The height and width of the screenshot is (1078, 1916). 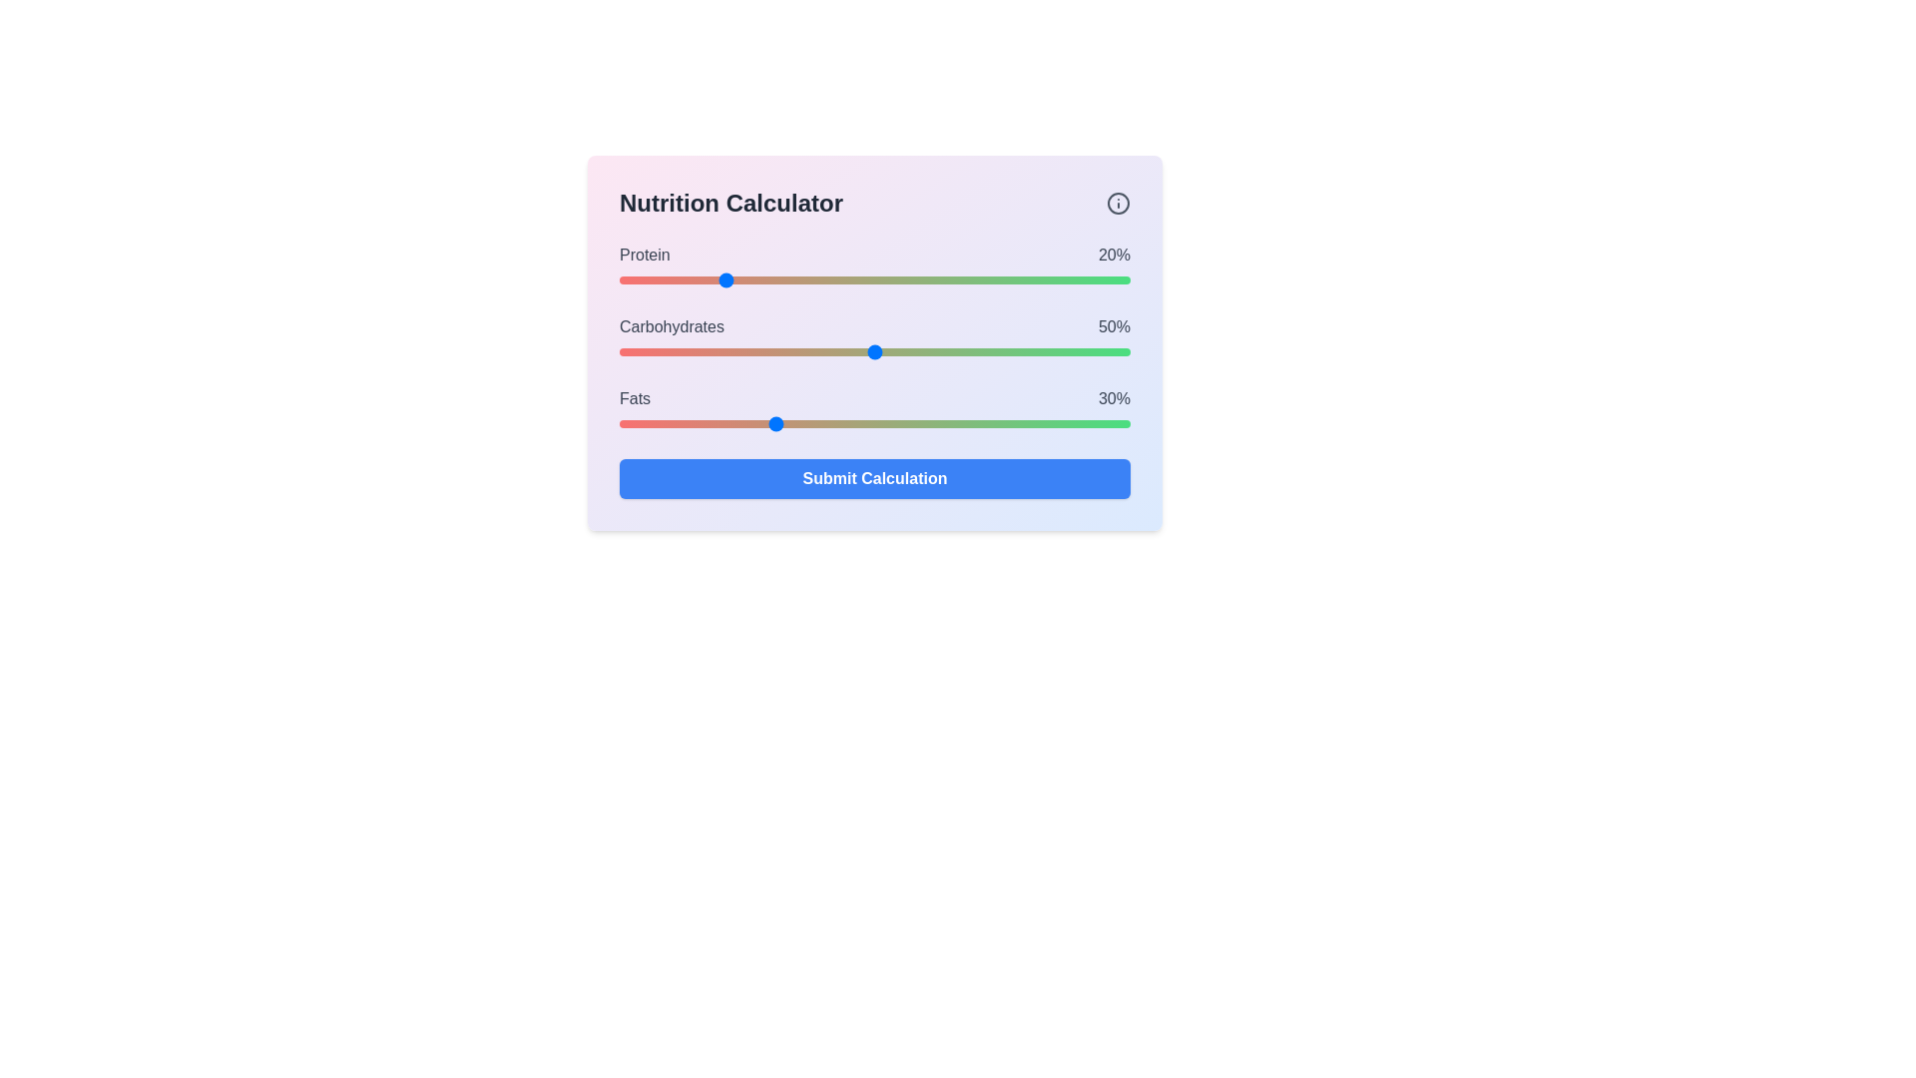 I want to click on the protein slider to 20%, so click(x=720, y=280).